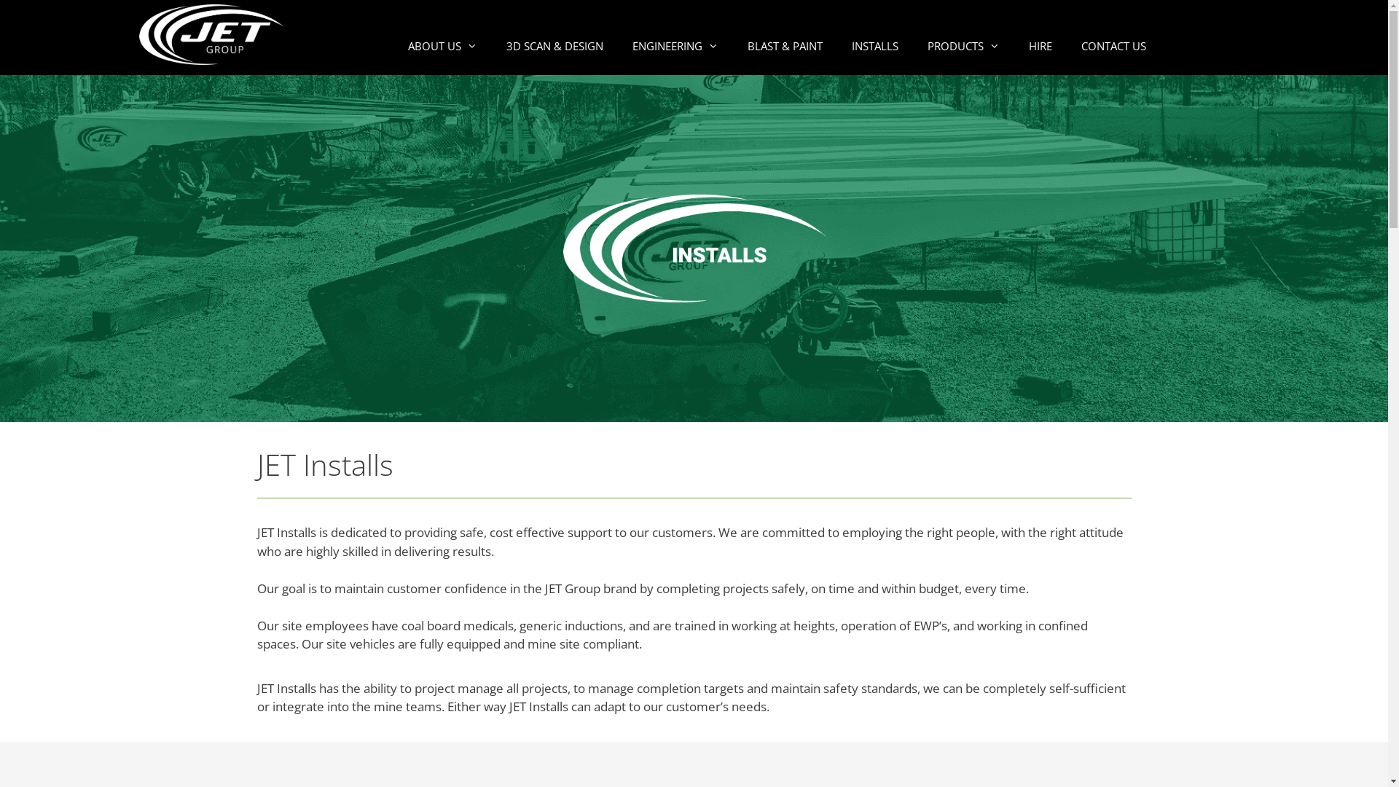  I want to click on 'HIRE', so click(1014, 44).